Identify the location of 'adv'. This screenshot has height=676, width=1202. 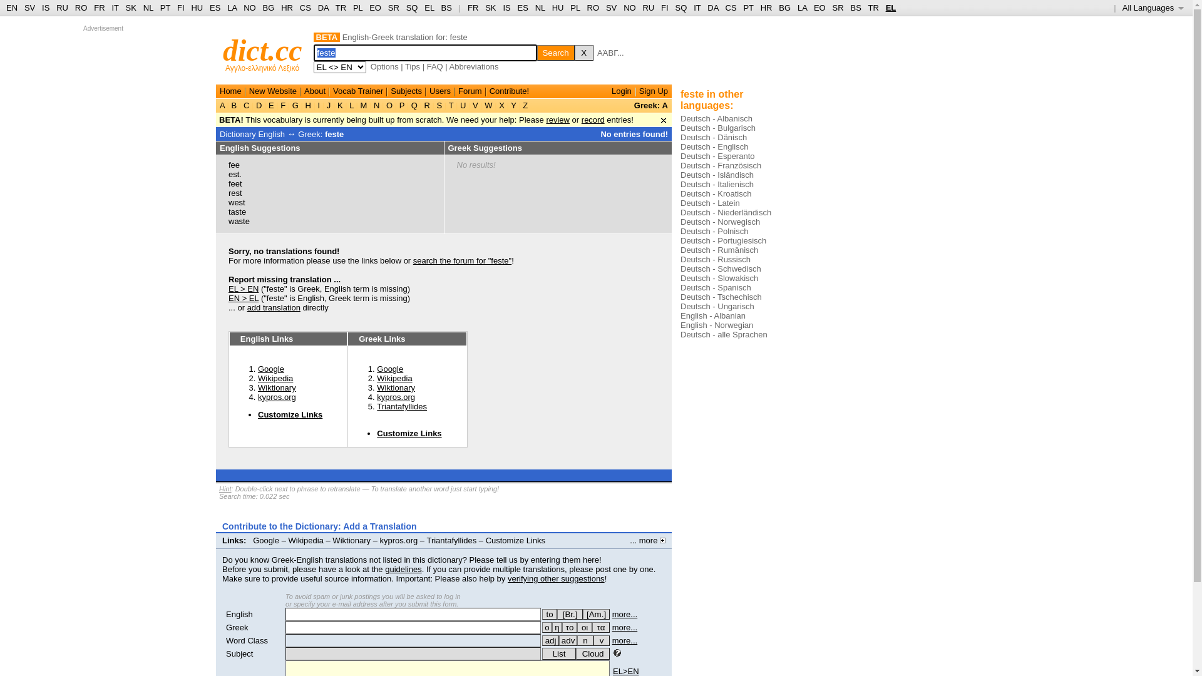
(567, 640).